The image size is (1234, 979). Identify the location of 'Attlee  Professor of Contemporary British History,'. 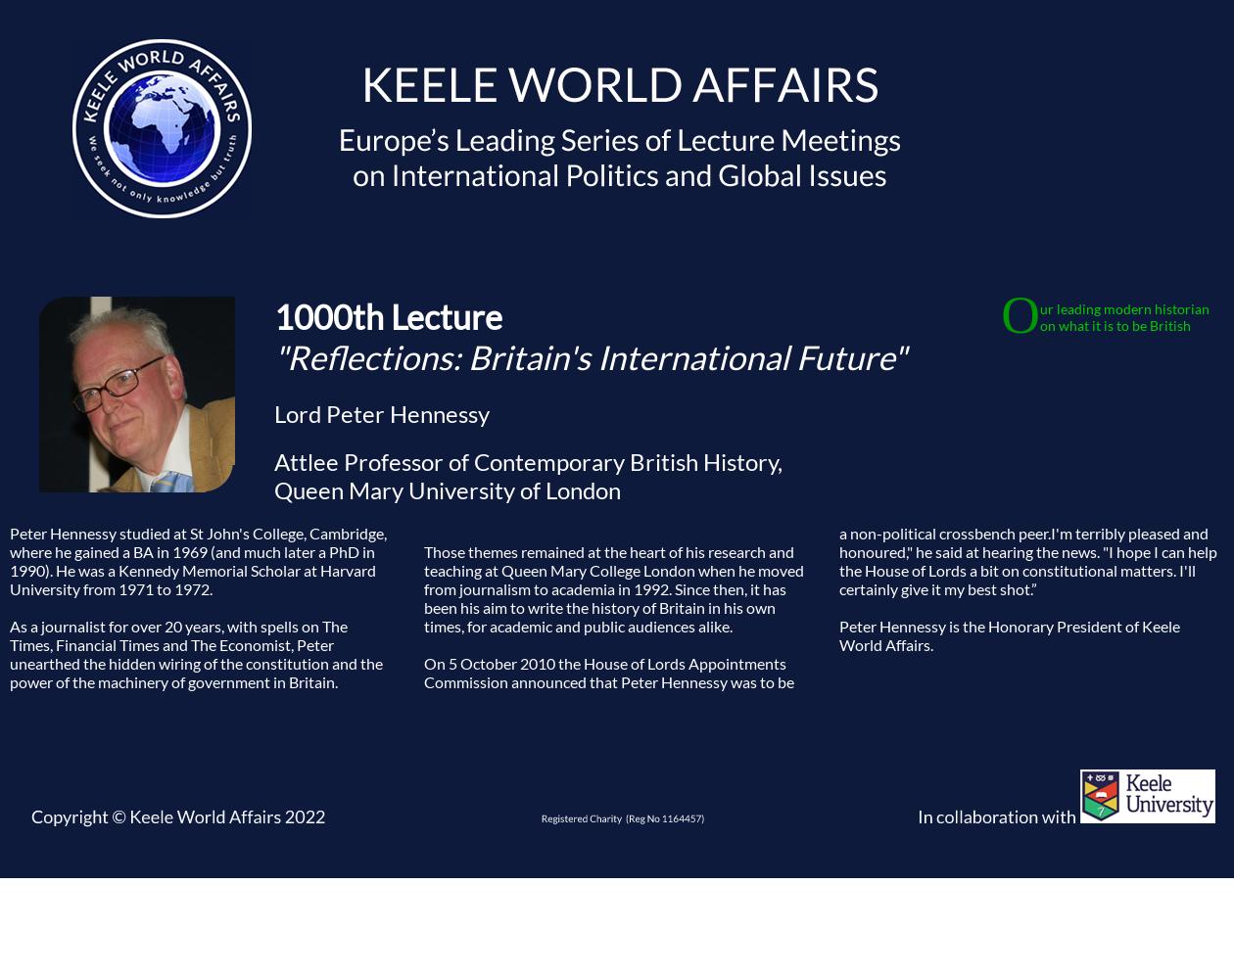
(528, 459).